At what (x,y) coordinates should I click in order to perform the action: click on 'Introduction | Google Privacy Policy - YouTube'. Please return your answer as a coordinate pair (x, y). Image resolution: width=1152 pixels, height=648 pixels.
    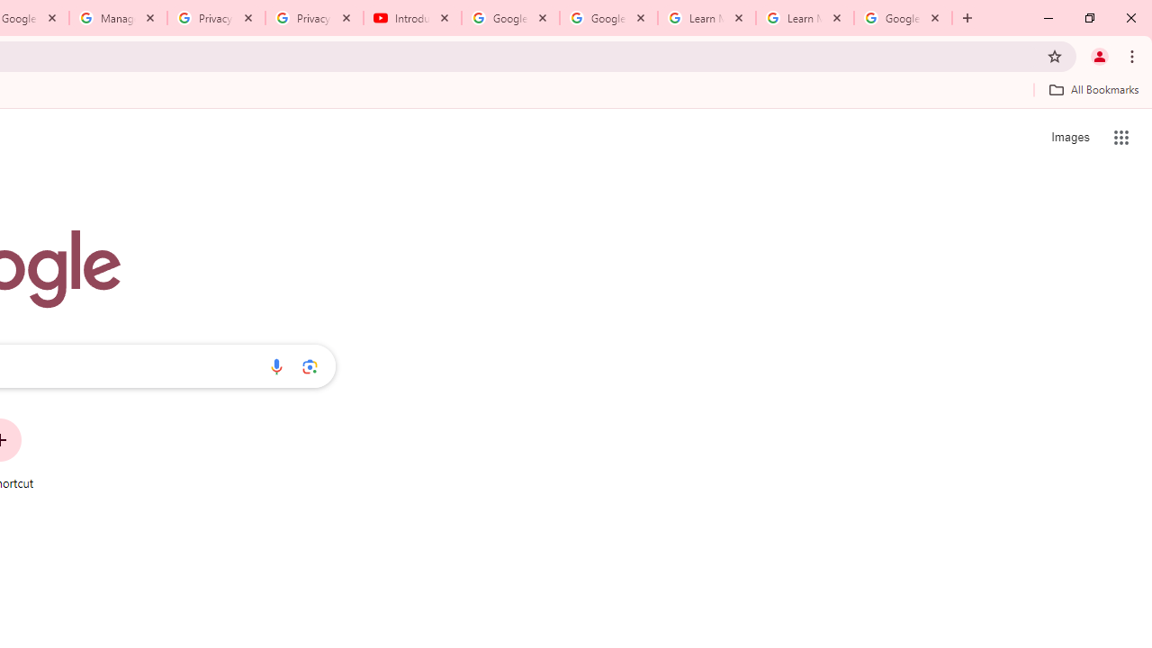
    Looking at the image, I should click on (411, 18).